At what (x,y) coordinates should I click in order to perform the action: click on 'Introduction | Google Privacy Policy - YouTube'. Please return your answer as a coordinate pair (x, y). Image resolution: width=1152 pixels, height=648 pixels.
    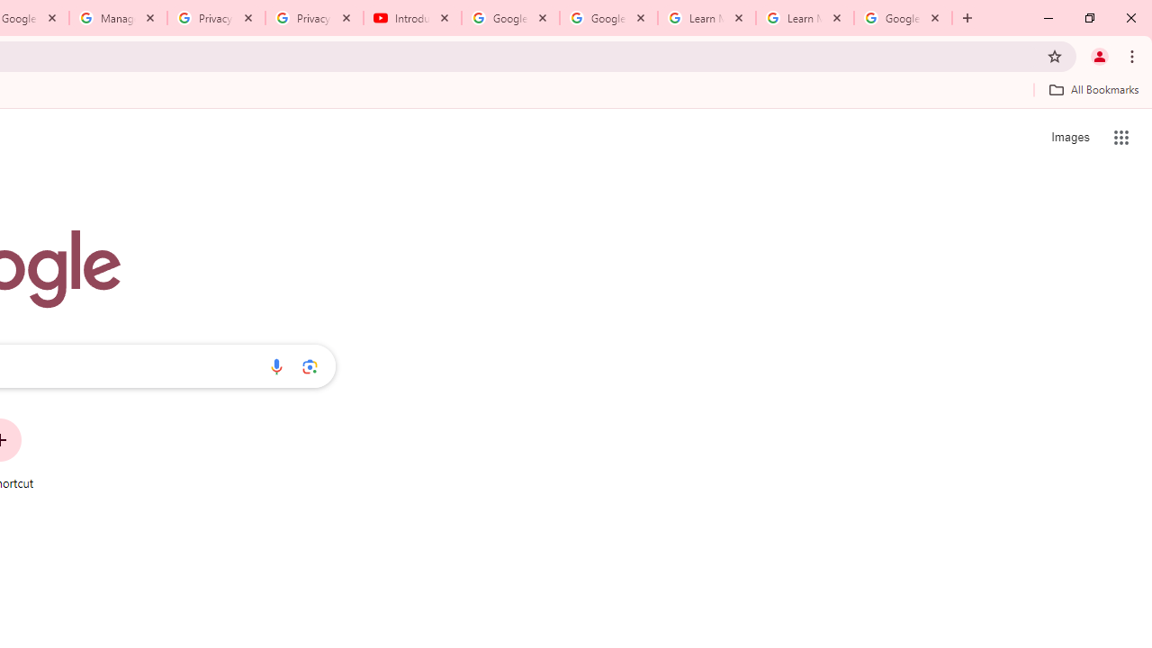
    Looking at the image, I should click on (411, 18).